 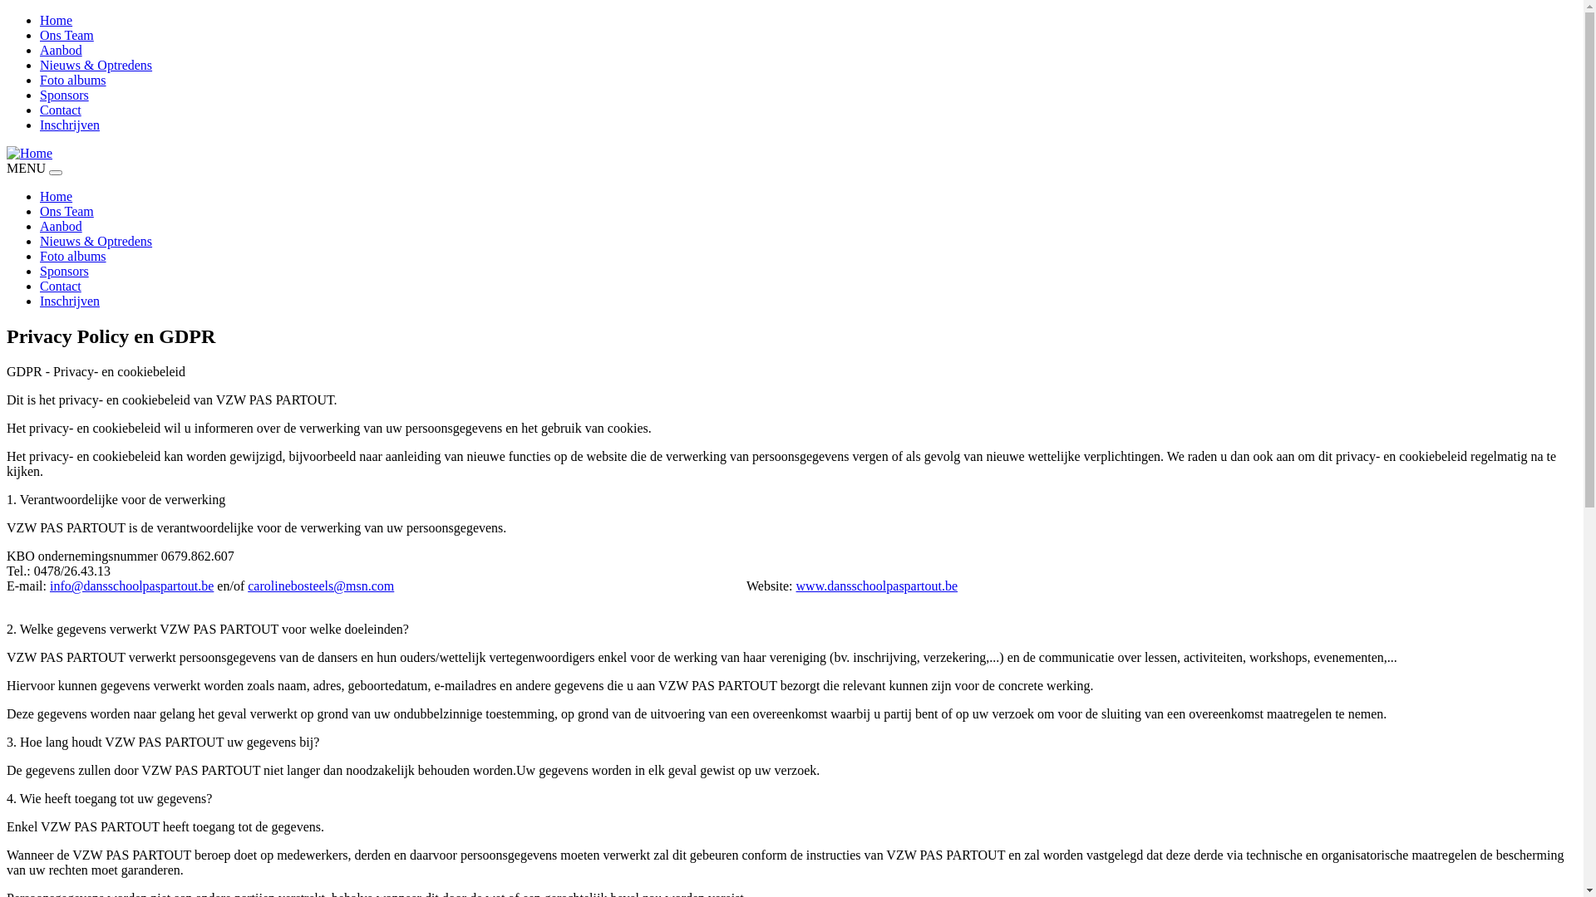 I want to click on 'carolinebosteels@msn.com', so click(x=320, y=585).